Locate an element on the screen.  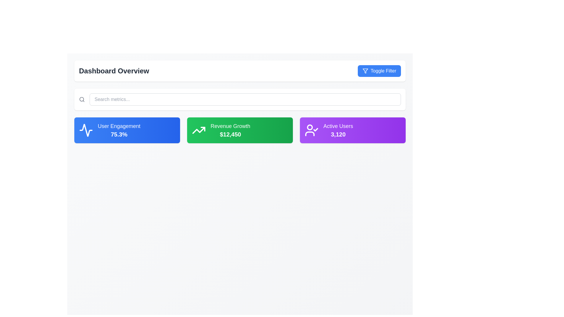
the 'Revenue Growth' text display with icon is located at coordinates (230, 130).